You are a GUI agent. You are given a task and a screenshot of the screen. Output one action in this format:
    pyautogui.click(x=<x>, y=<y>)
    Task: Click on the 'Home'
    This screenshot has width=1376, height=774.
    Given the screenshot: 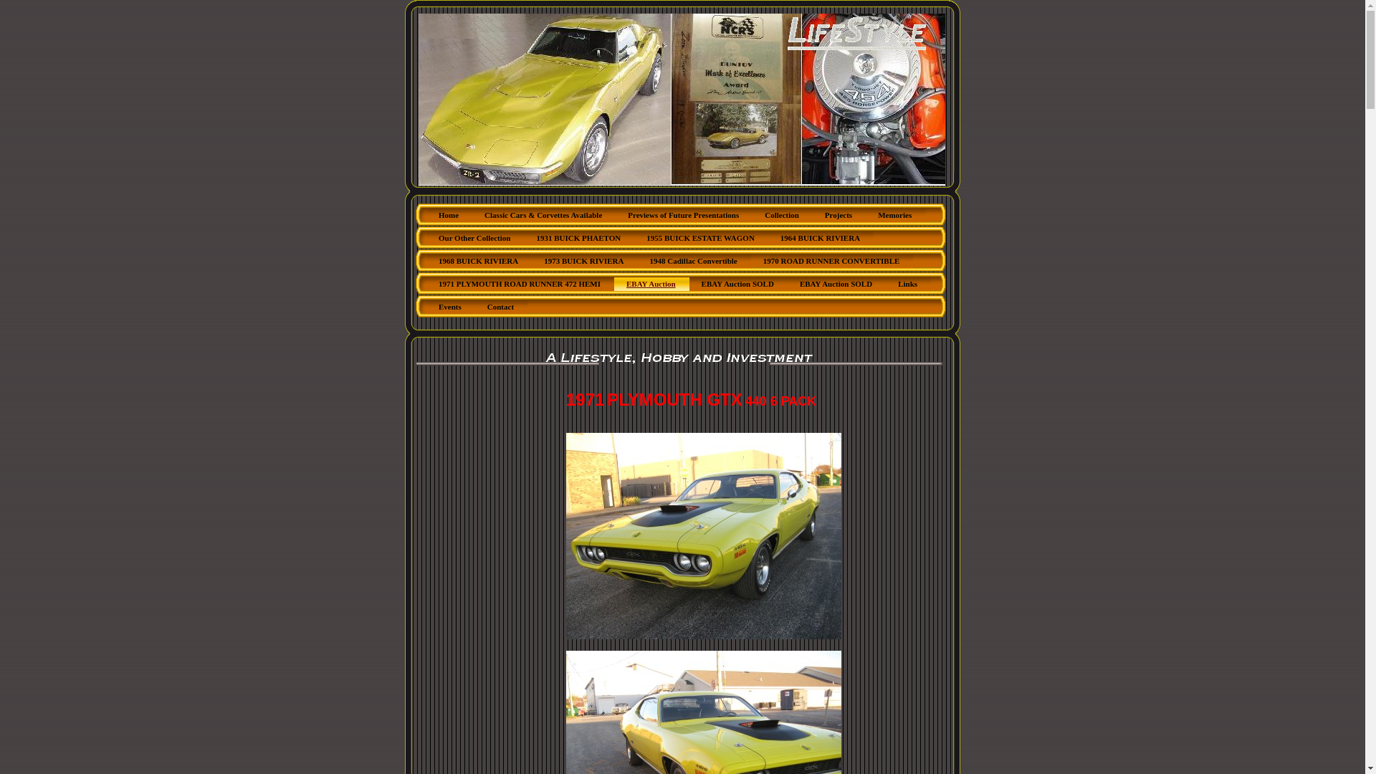 What is the action you would take?
    pyautogui.click(x=449, y=216)
    